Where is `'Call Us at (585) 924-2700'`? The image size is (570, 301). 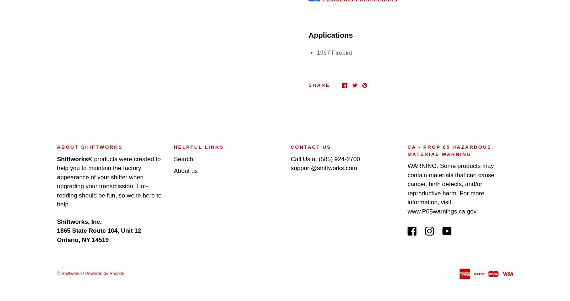 'Call Us at (585) 924-2700' is located at coordinates (325, 158).